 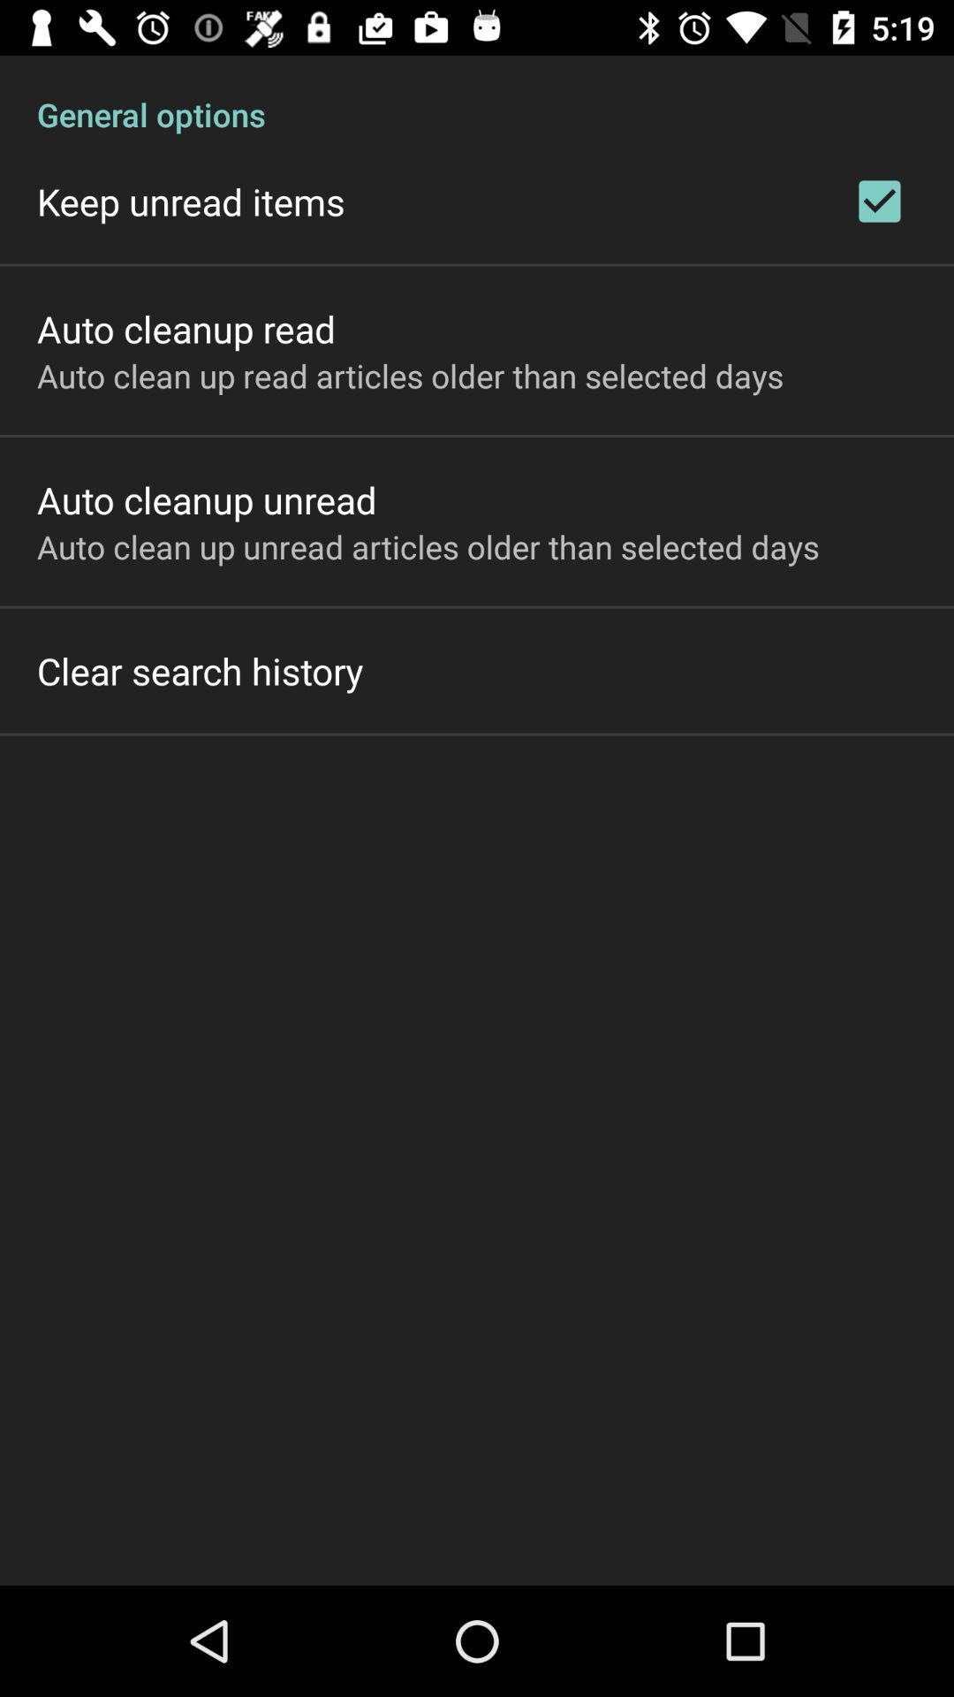 I want to click on the clear search history on the left, so click(x=199, y=669).